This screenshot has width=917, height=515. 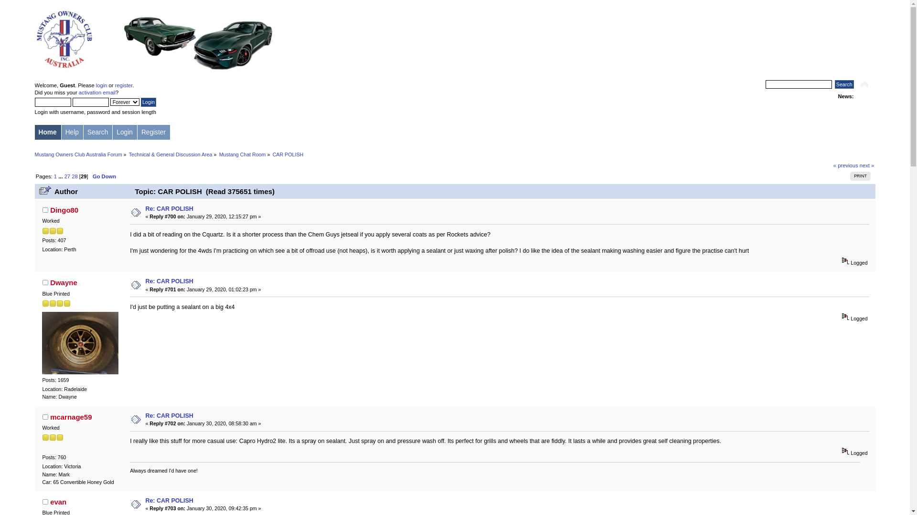 I want to click on '28', so click(x=71, y=176).